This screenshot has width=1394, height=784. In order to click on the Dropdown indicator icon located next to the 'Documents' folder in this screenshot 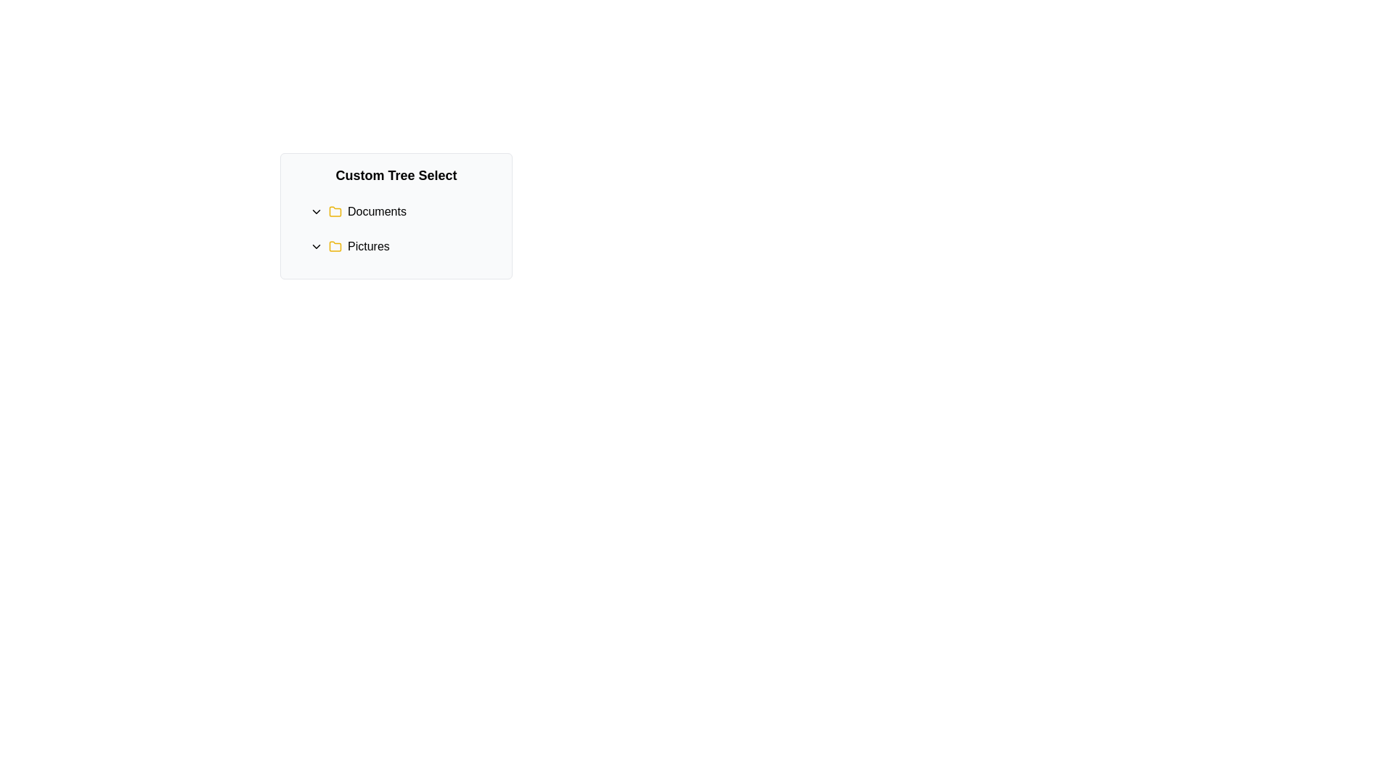, I will do `click(316, 212)`.